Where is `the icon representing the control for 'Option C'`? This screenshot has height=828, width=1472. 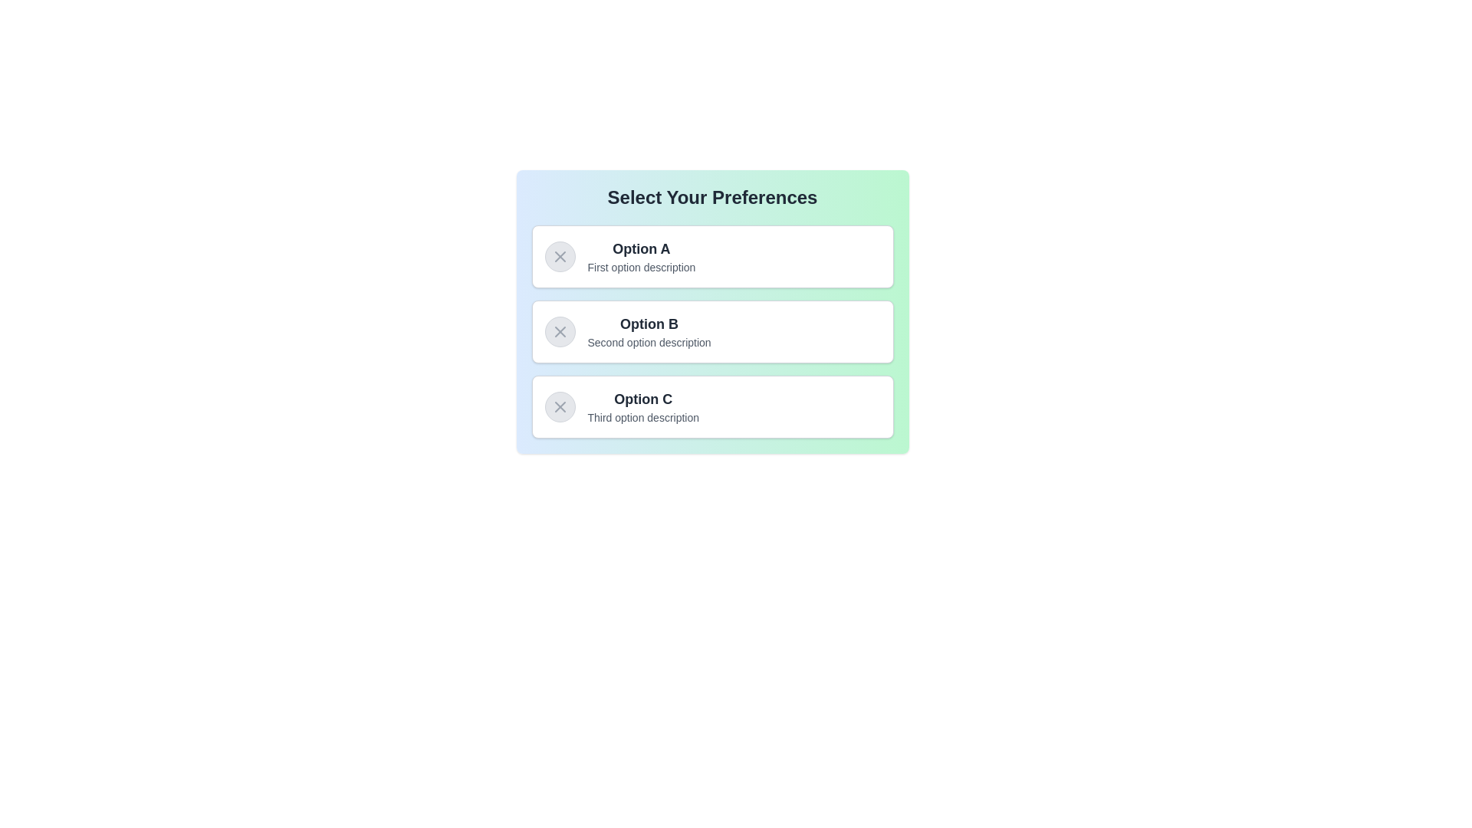 the icon representing the control for 'Option C' is located at coordinates (559, 406).